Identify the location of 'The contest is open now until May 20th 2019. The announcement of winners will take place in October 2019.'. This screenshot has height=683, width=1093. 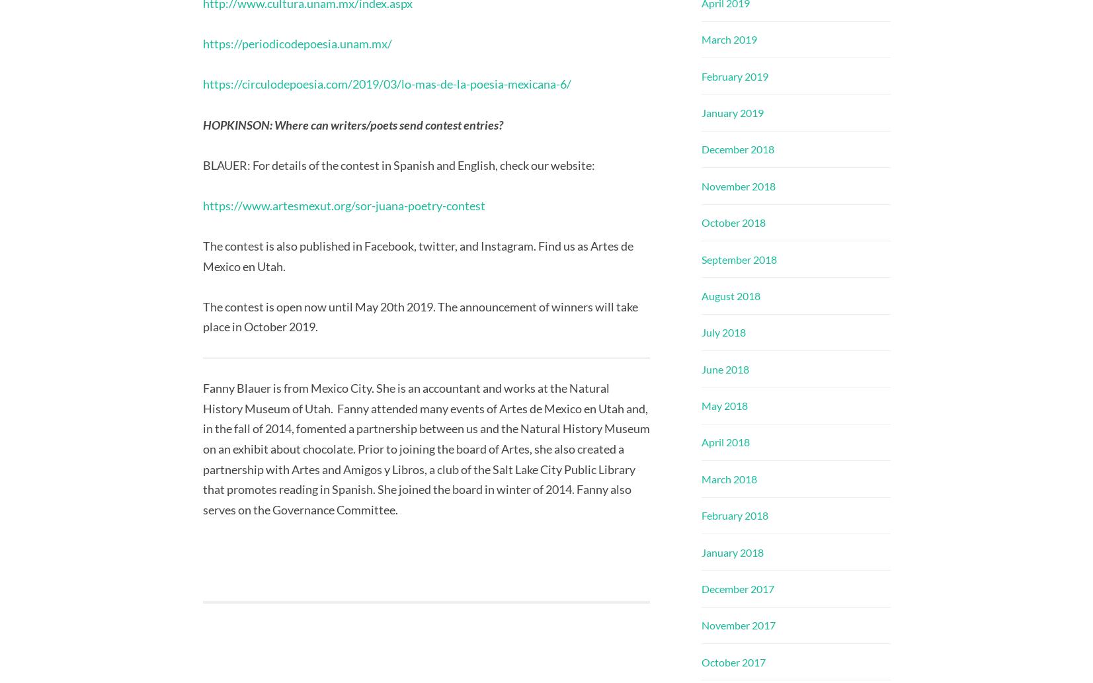
(419, 316).